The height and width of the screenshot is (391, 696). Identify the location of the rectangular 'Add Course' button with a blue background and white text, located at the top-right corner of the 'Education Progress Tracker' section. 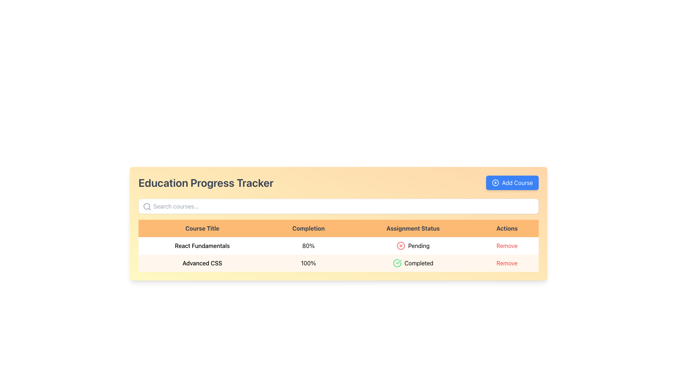
(512, 182).